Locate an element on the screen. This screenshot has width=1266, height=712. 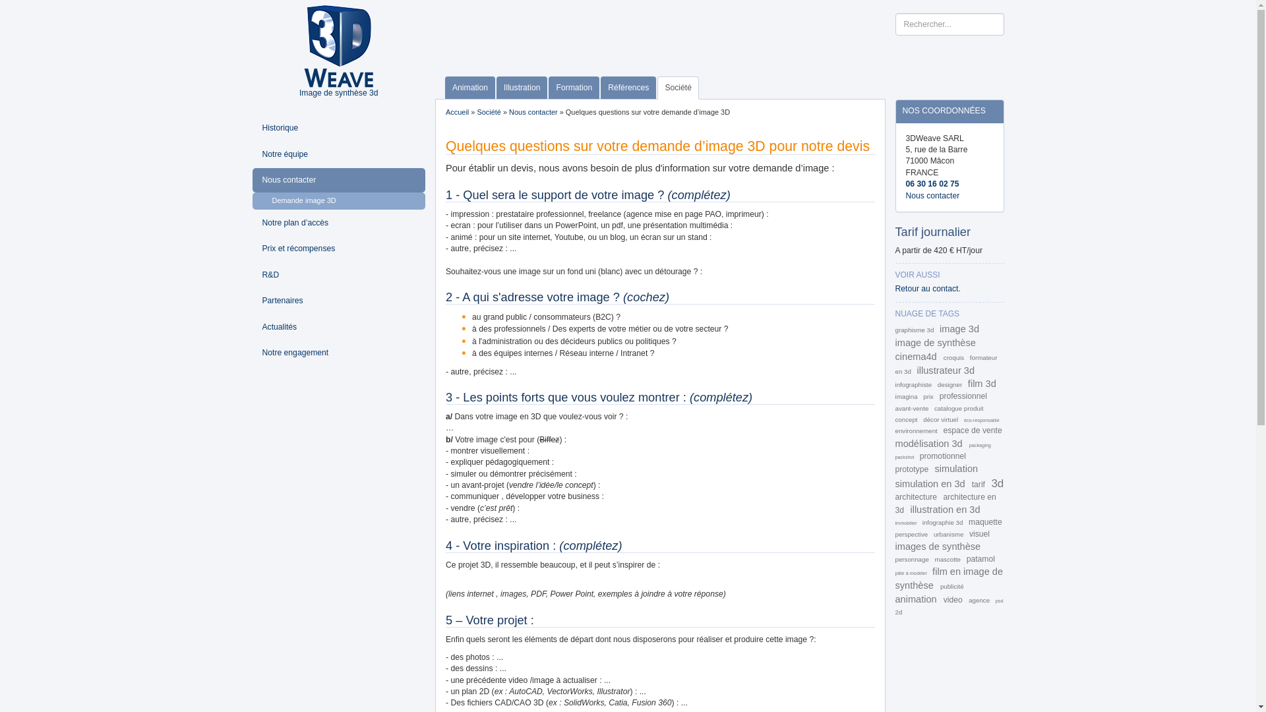
'concept' is located at coordinates (907, 419).